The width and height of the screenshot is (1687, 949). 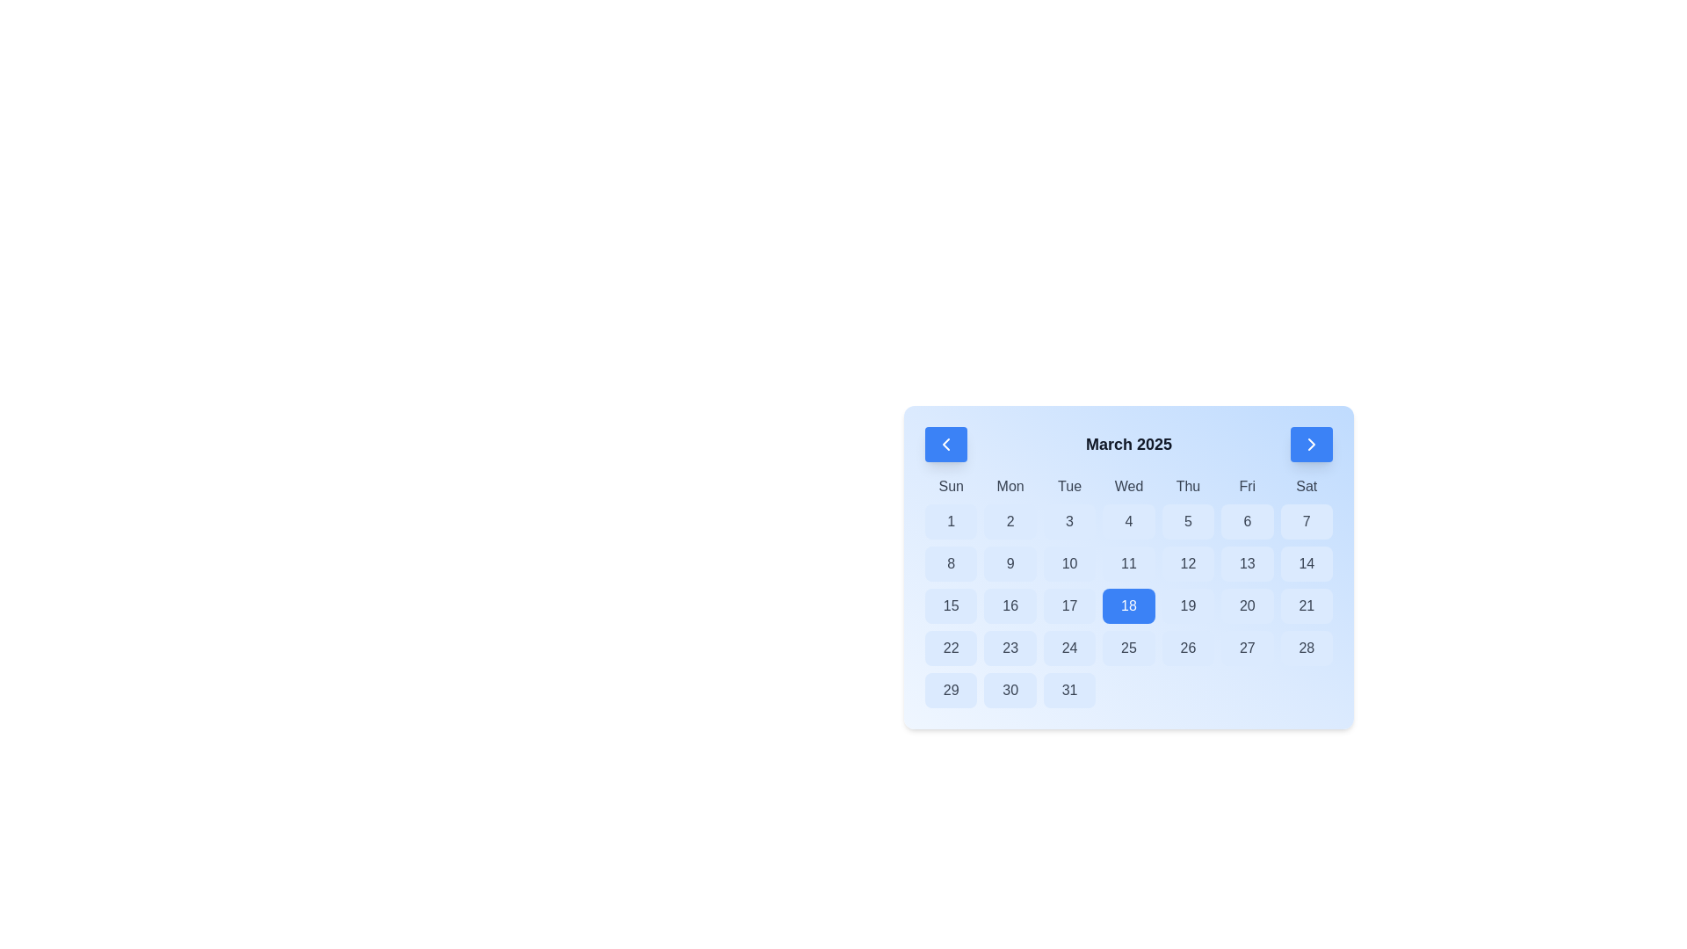 I want to click on the date button representing the 29th day of the month in the calendar grid, so click(x=949, y=690).